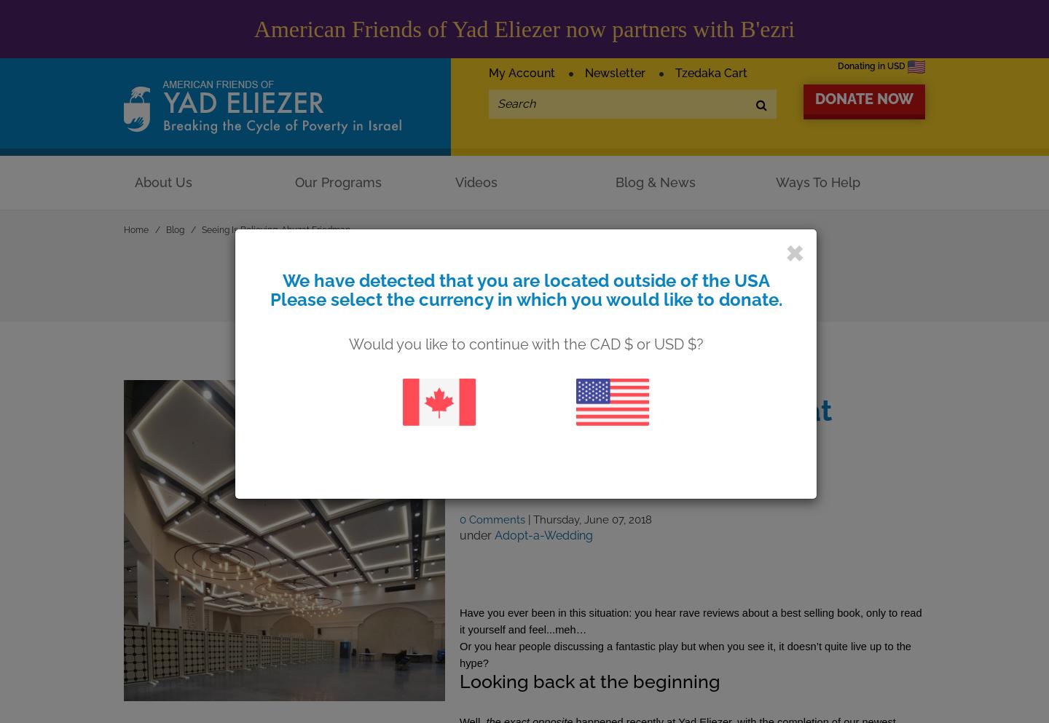 This screenshot has width=1049, height=723. What do you see at coordinates (553, 478) in the screenshot?
I see `'by Karen Reiffman'` at bounding box center [553, 478].